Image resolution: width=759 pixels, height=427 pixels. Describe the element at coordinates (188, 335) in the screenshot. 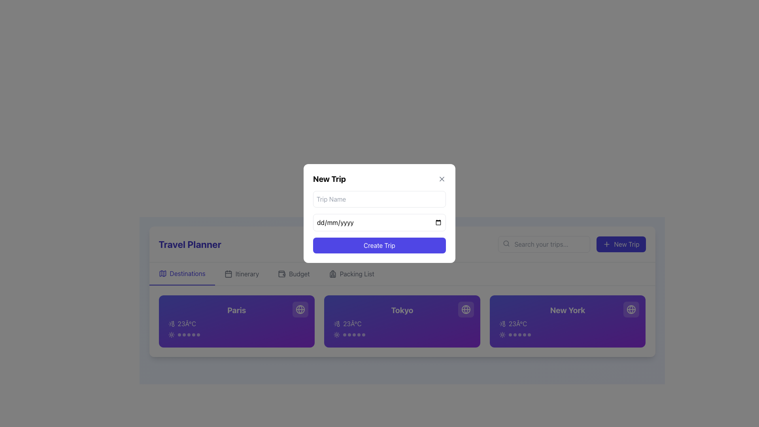

I see `the indicator dots for ratings or progress located at the bottom section of the 'Travel Planner' card for 'Paris', beneath the temperature information and weather icon details` at that location.